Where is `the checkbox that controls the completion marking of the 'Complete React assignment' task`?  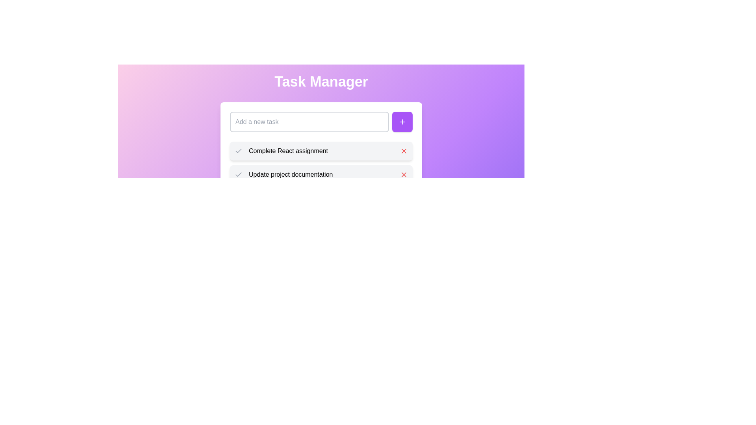 the checkbox that controls the completion marking of the 'Complete React assignment' task is located at coordinates (238, 151).